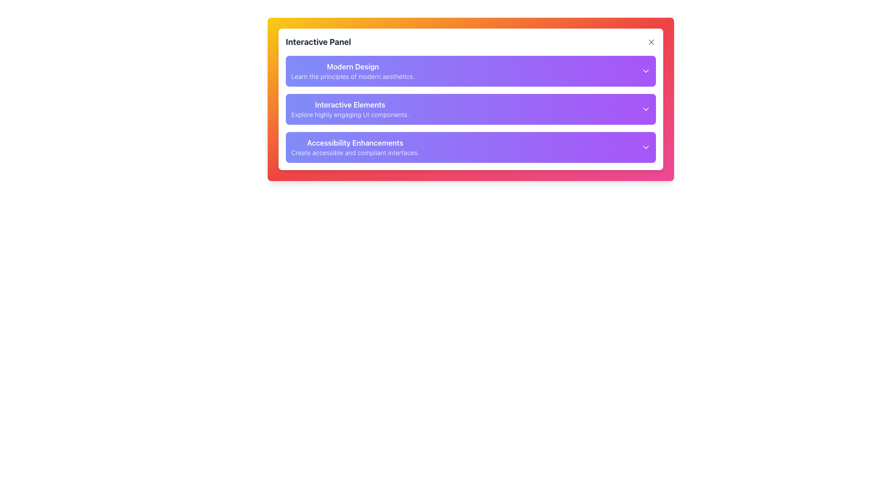  I want to click on the Text Label that serves as a title for the first section of the Interactive Panel, located above the subtitle 'Learn the principles of modern aesthetics.', so click(352, 66).